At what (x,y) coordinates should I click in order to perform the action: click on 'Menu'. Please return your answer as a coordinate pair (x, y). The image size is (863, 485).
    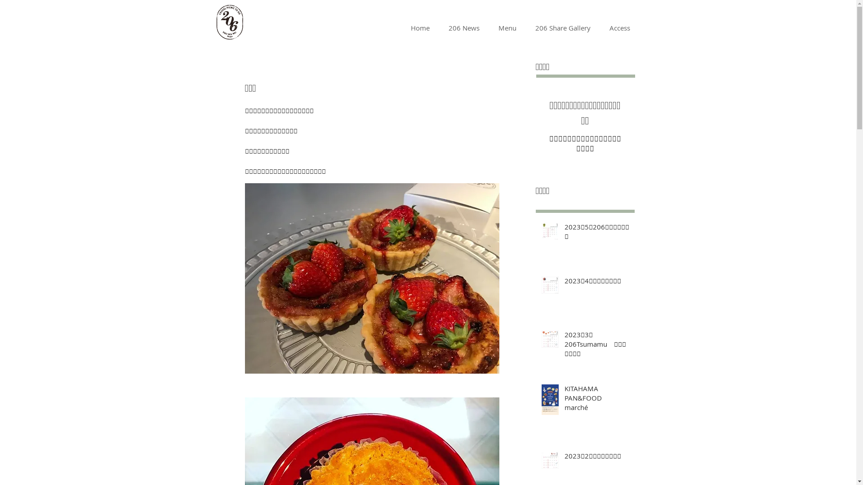
    Looking at the image, I should click on (507, 27).